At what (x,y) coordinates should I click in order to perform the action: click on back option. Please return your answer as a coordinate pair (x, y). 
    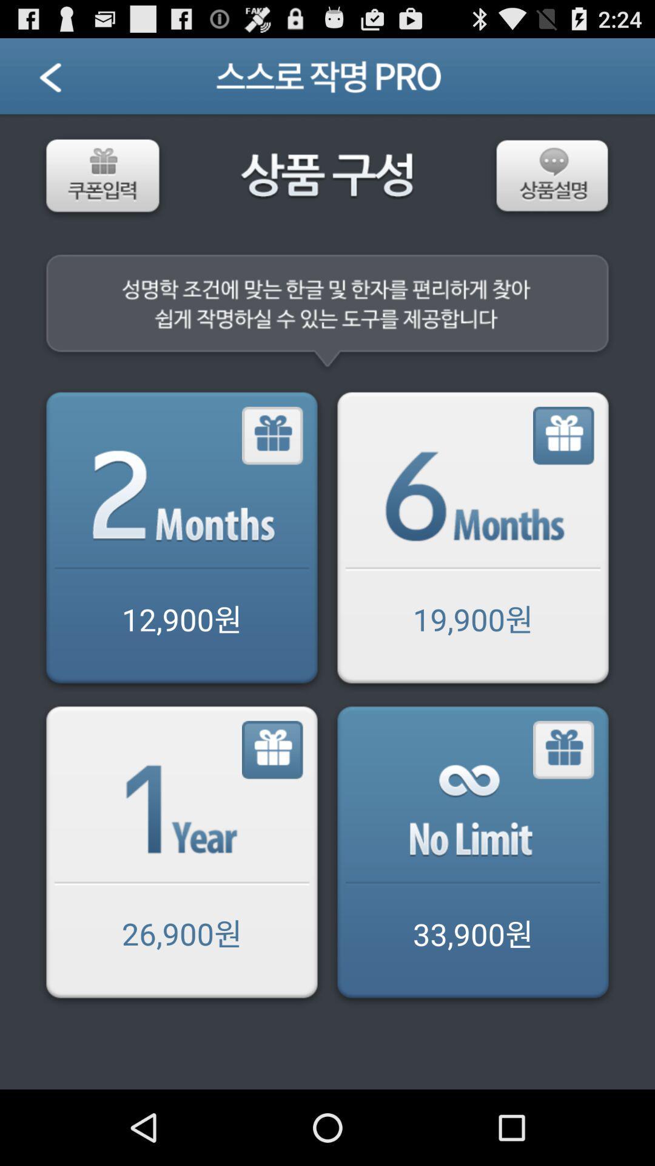
    Looking at the image, I should click on (65, 80).